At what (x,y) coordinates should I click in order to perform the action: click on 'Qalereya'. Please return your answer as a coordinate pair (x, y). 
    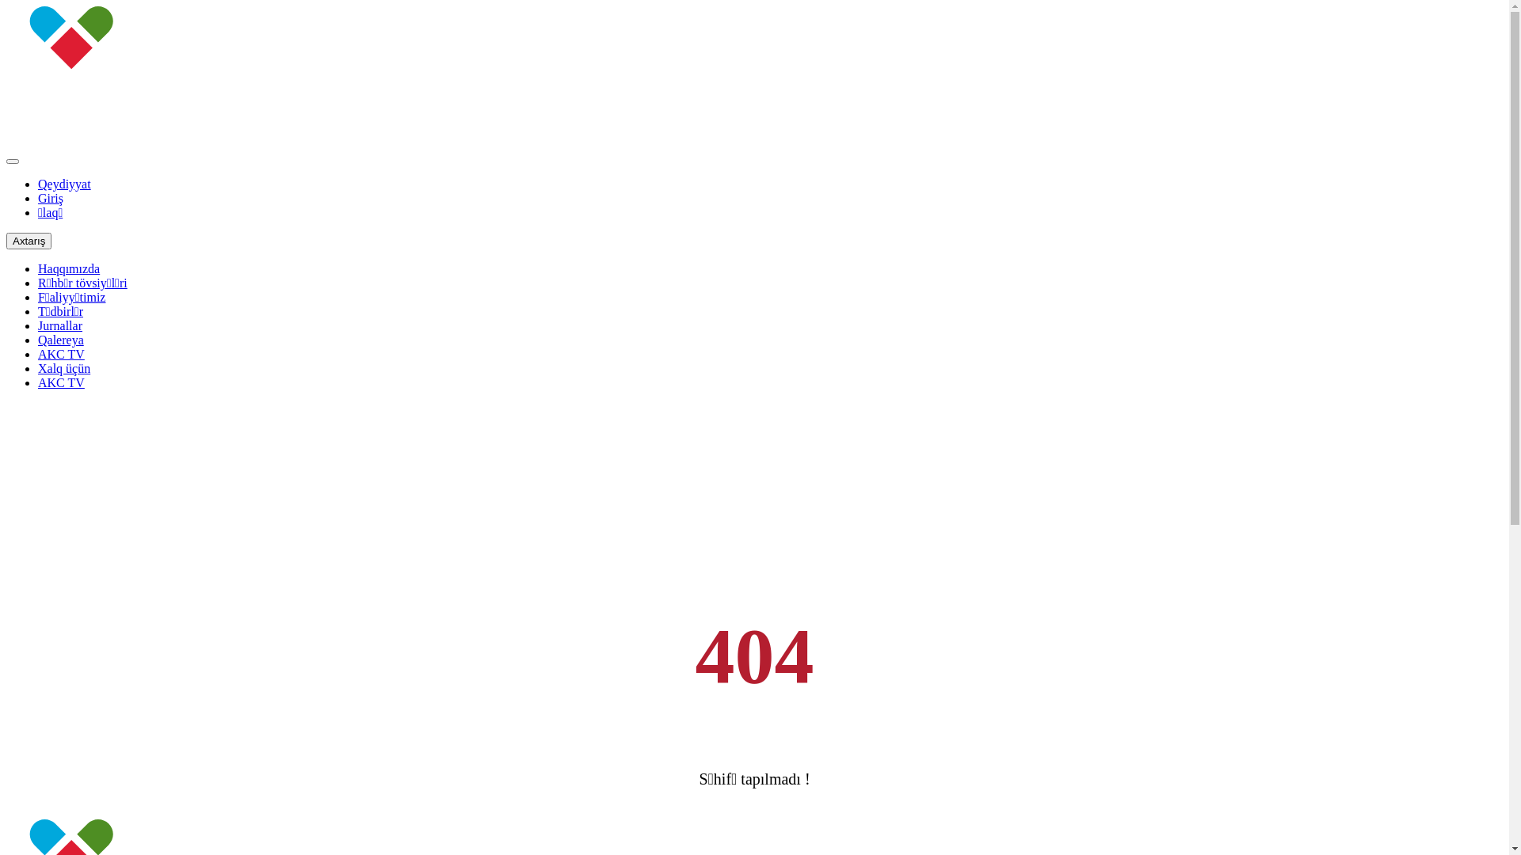
    Looking at the image, I should click on (38, 339).